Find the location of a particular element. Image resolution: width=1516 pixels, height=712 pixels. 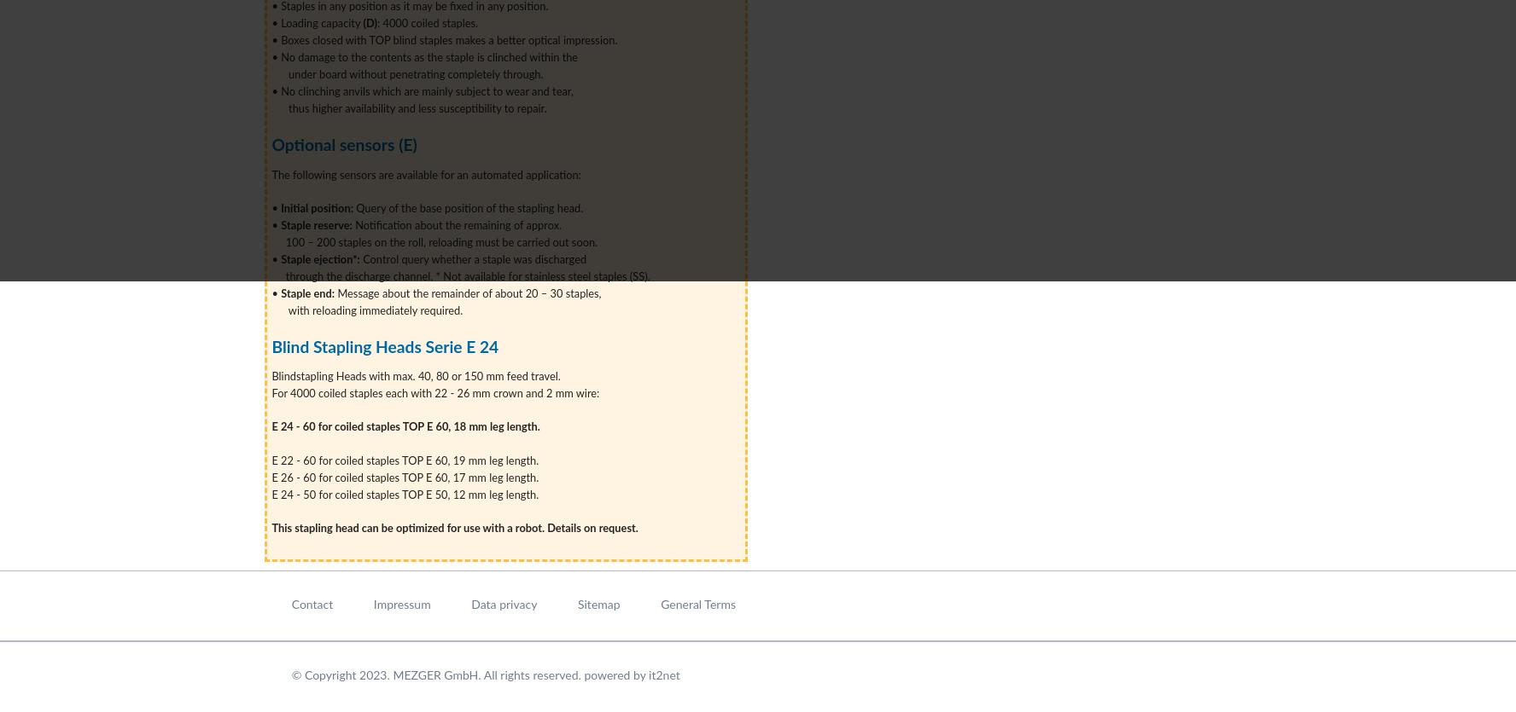

'Notification about the remaining of approx.' is located at coordinates (456, 224).